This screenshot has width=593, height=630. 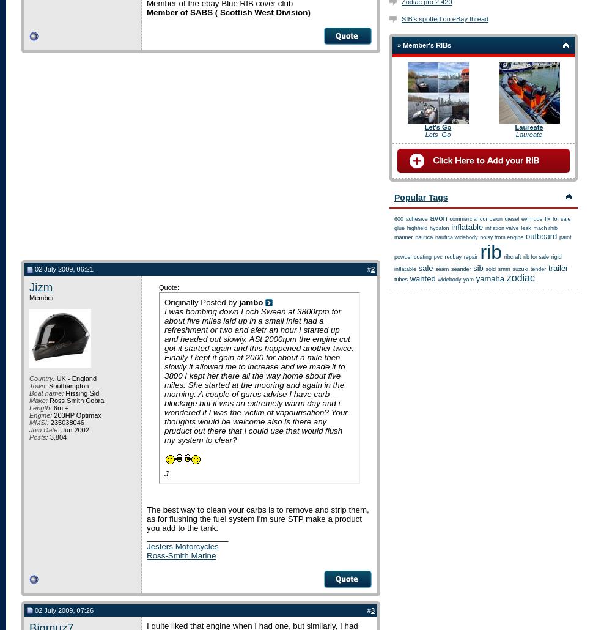 What do you see at coordinates (75, 399) in the screenshot?
I see `'Ross Smith Cobra'` at bounding box center [75, 399].